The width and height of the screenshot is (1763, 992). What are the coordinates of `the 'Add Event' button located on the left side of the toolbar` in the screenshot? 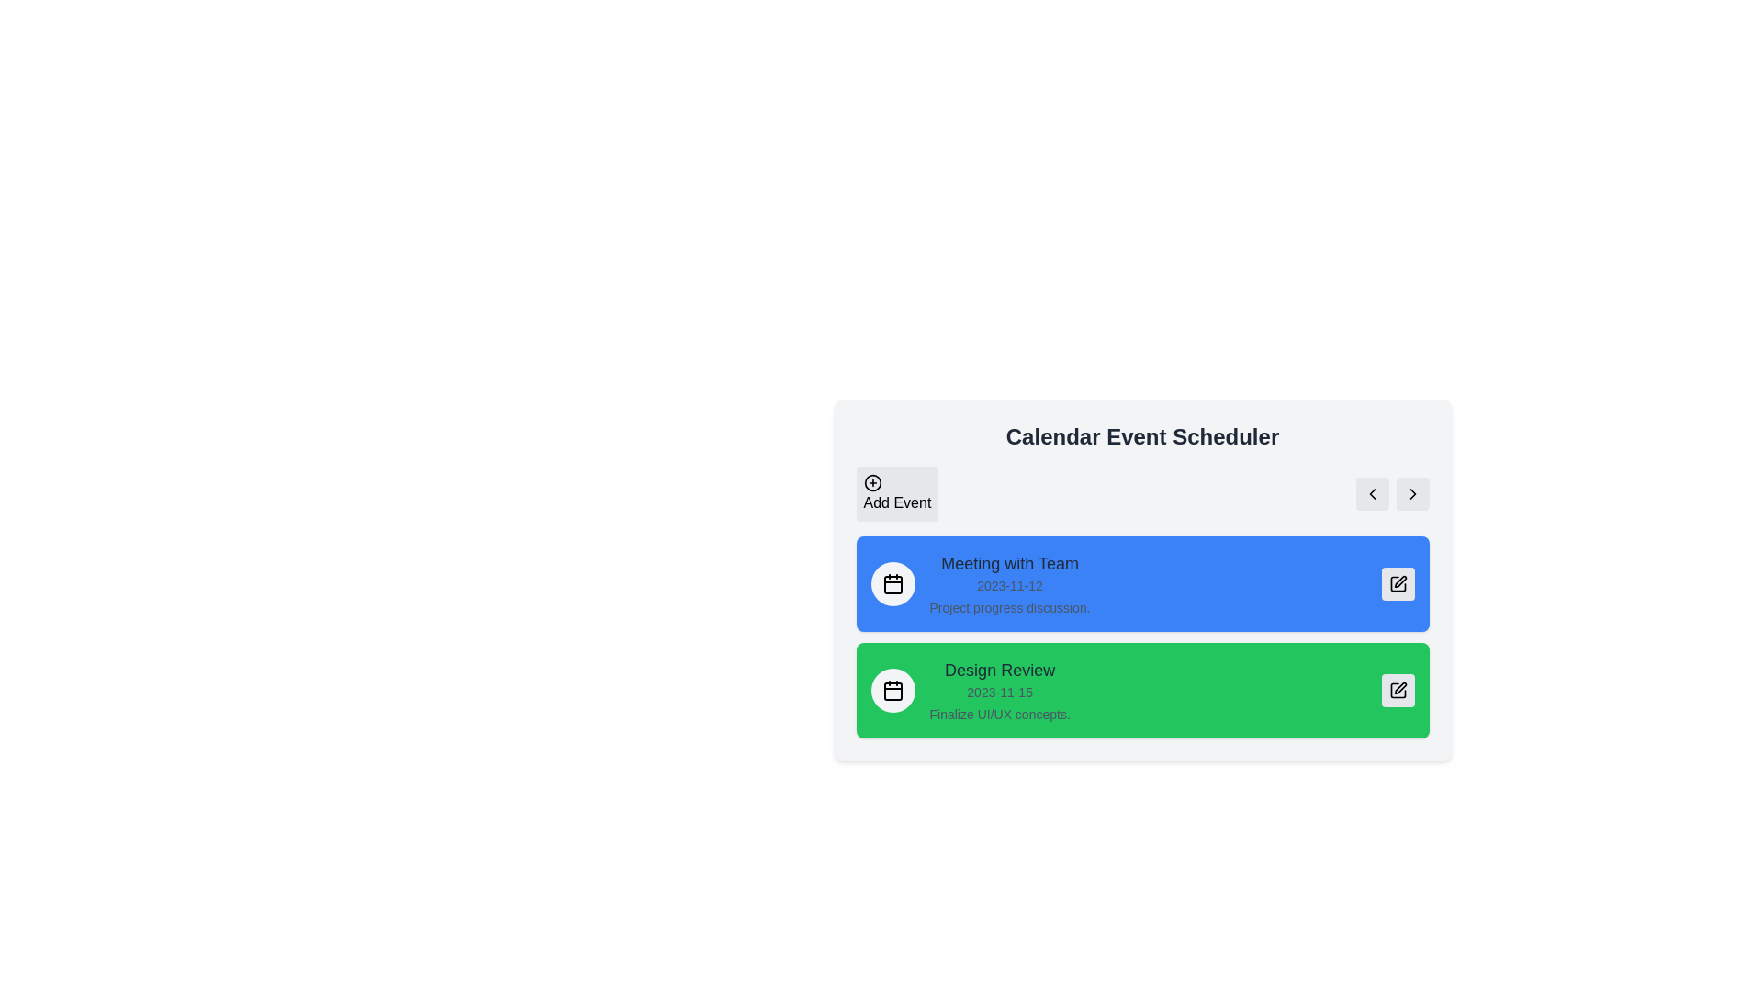 It's located at (897, 492).